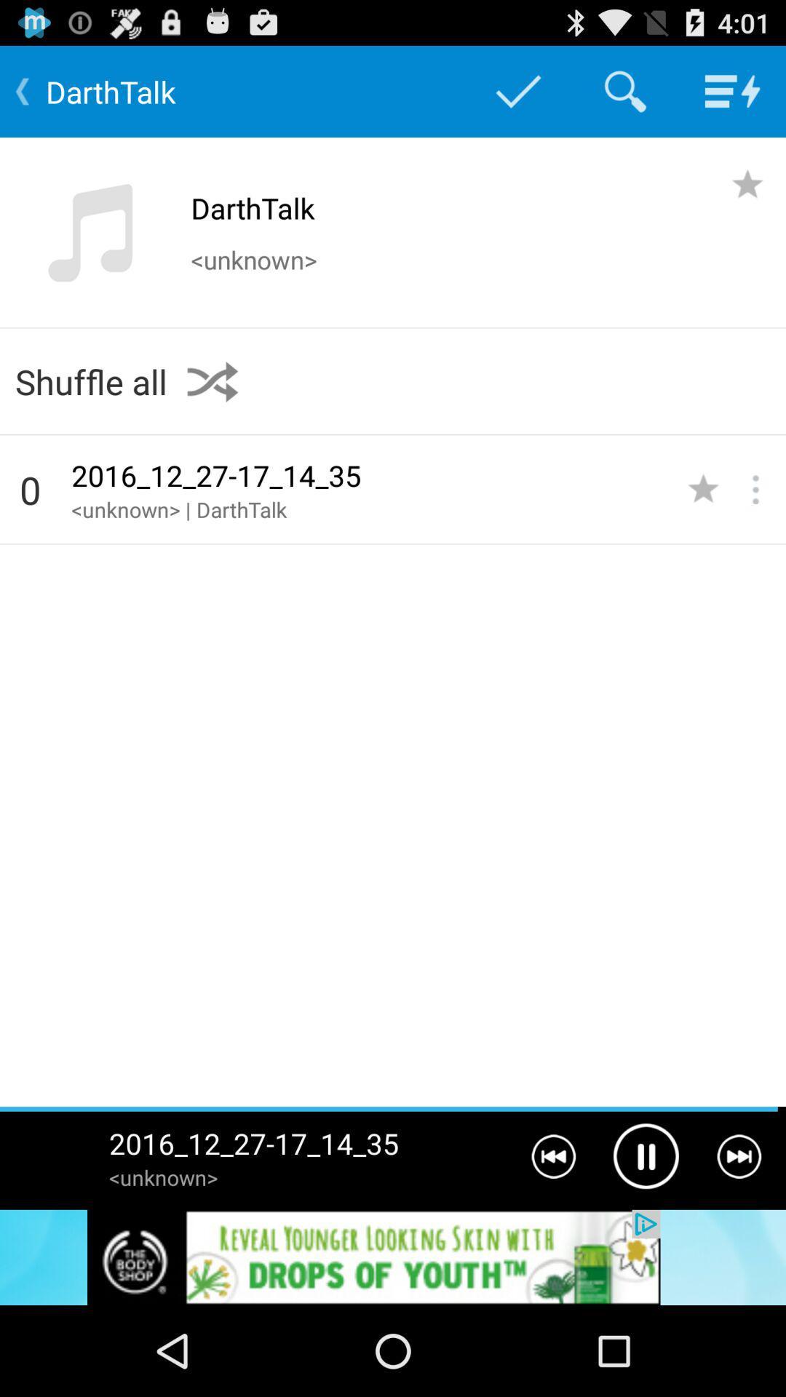 The width and height of the screenshot is (786, 1397). I want to click on the check icon, so click(517, 97).